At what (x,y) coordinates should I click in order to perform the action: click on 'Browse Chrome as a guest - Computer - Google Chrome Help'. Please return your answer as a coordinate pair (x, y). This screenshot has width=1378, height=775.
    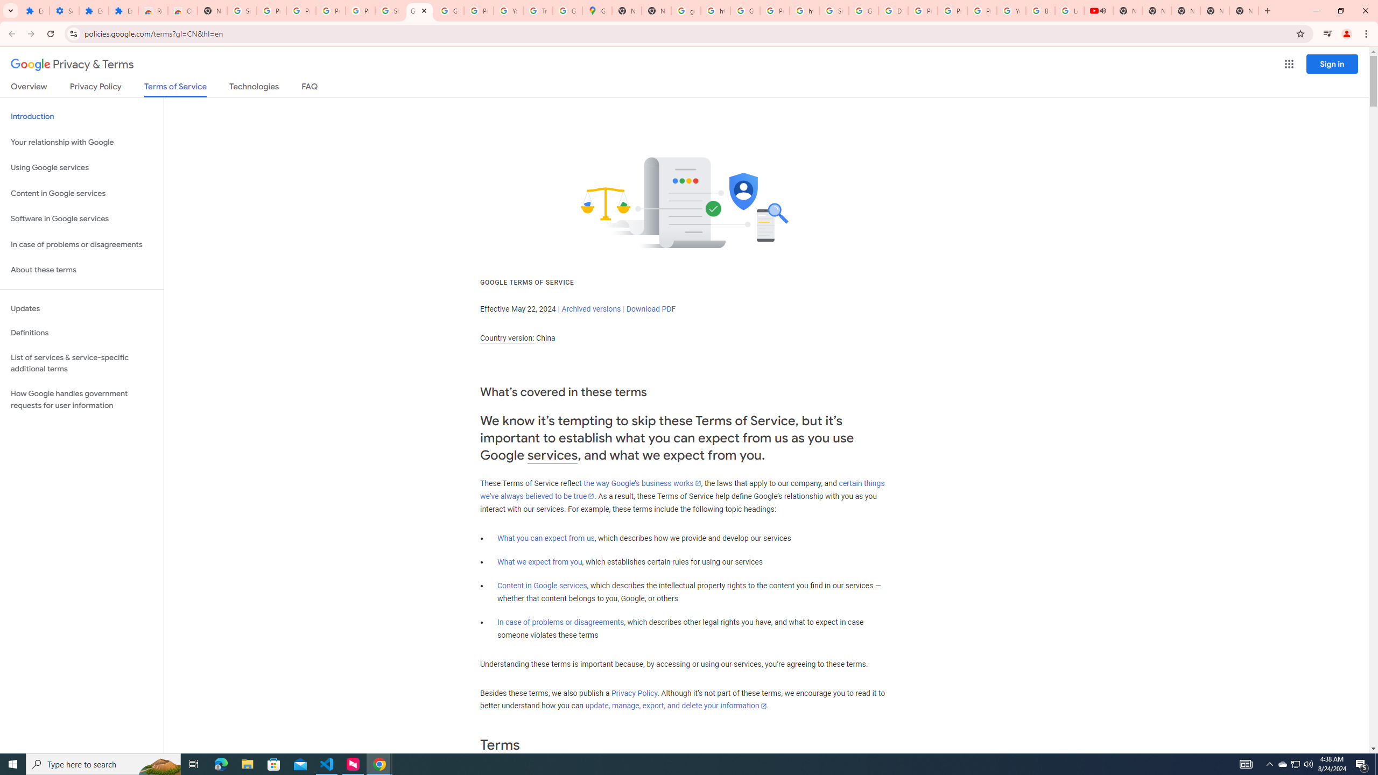
    Looking at the image, I should click on (1040, 10).